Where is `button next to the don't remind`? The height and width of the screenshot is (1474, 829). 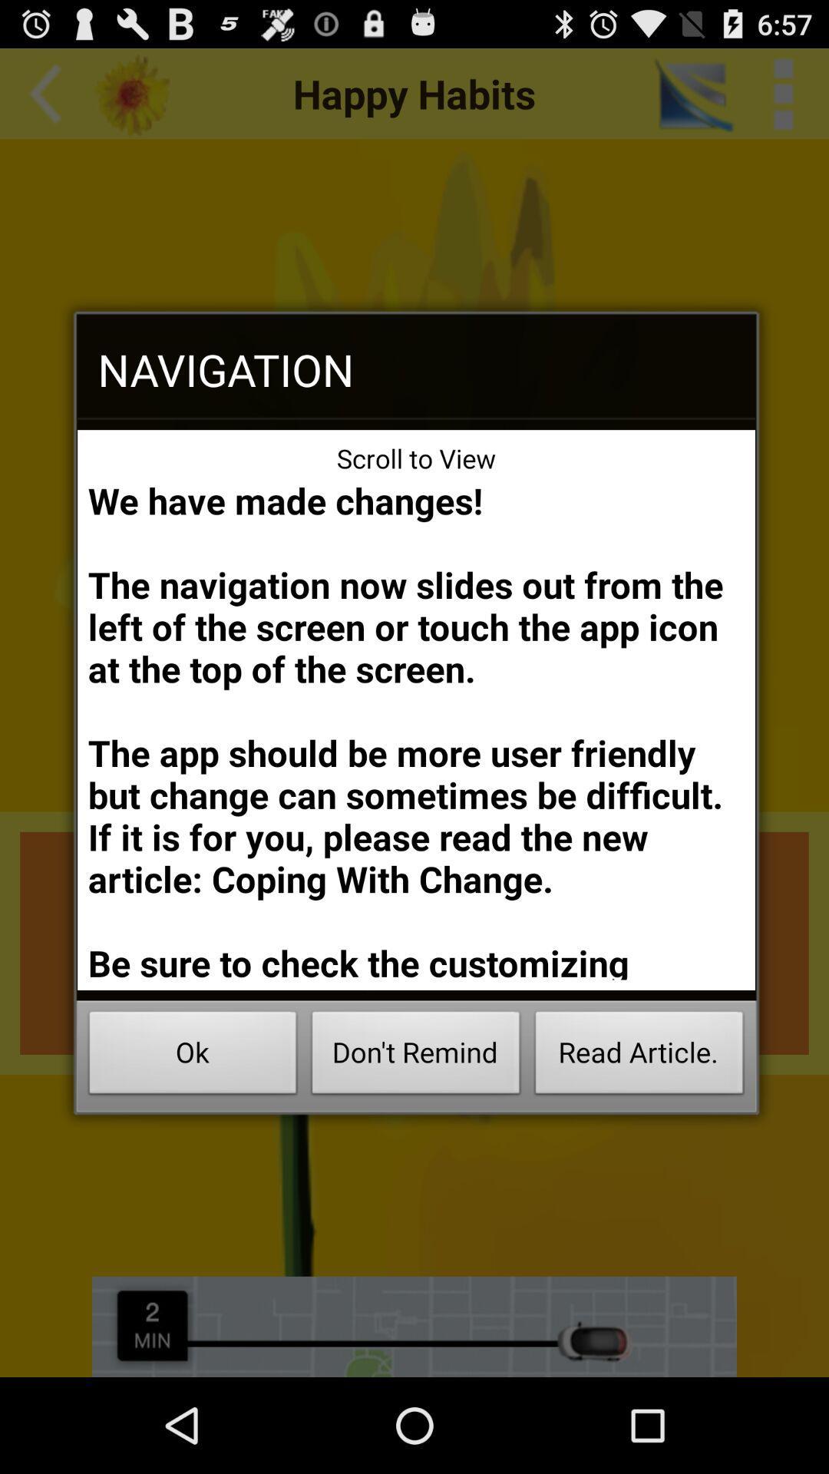
button next to the don't remind is located at coordinates (639, 1056).